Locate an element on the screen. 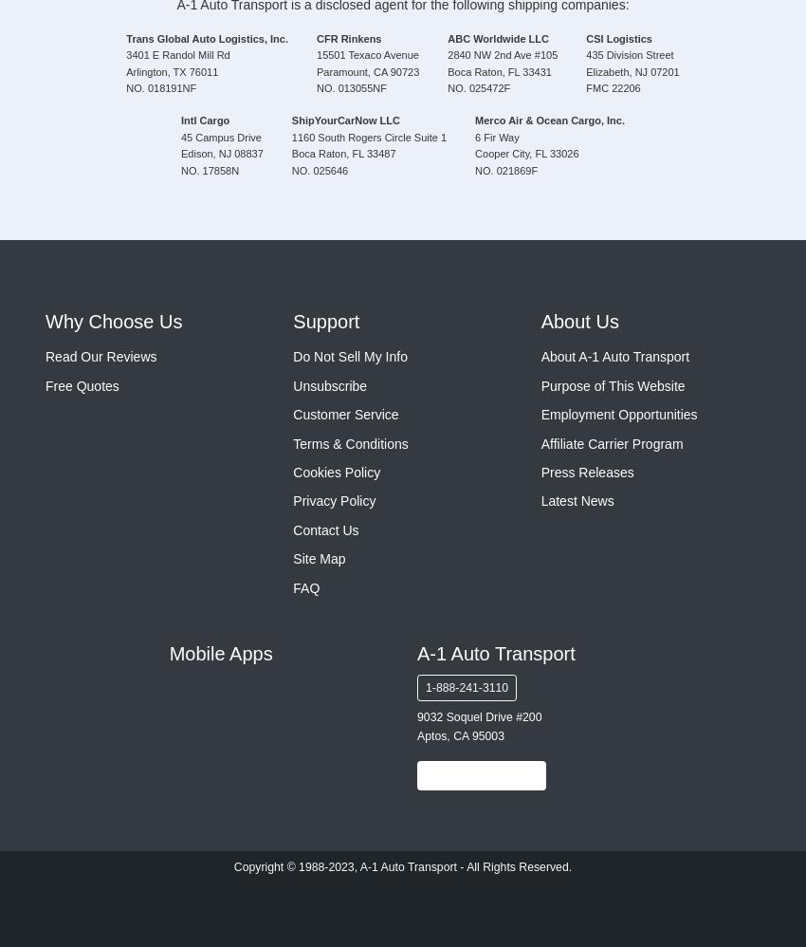  'Purpose of This Website' is located at coordinates (613, 384).